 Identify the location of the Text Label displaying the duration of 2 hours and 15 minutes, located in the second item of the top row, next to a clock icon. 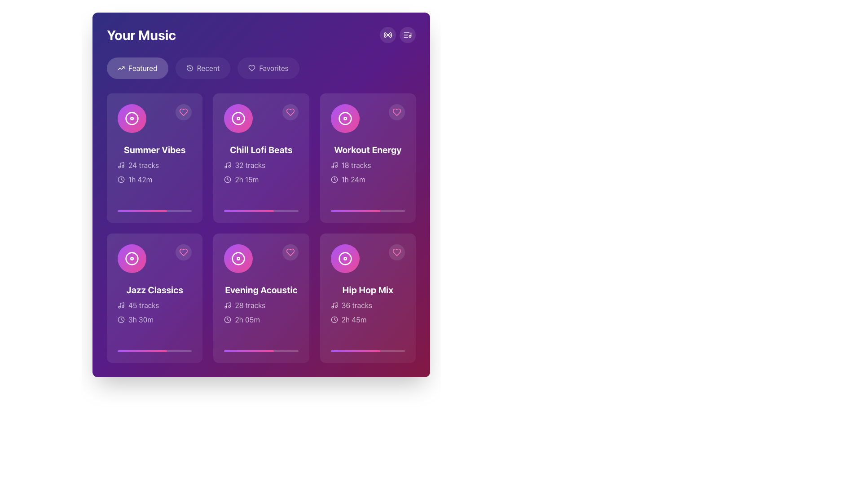
(246, 180).